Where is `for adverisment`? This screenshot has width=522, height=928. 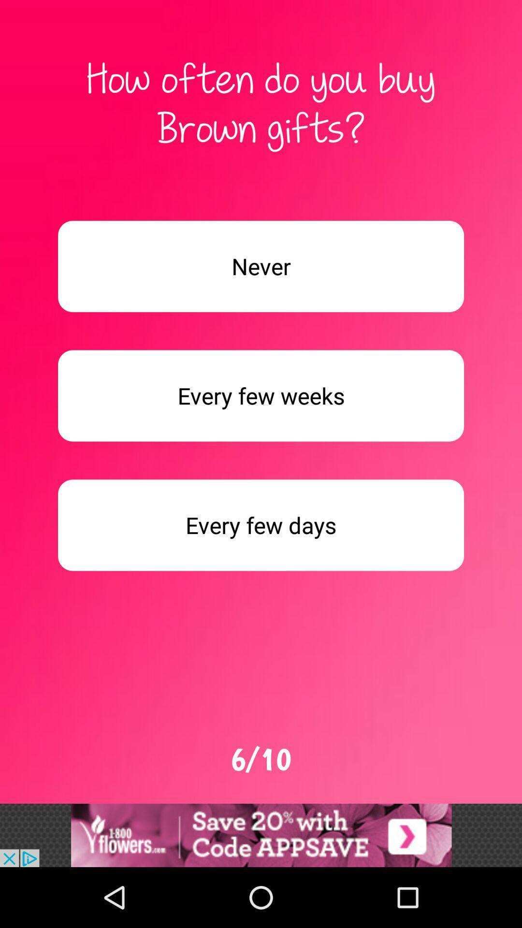 for adverisment is located at coordinates (261, 396).